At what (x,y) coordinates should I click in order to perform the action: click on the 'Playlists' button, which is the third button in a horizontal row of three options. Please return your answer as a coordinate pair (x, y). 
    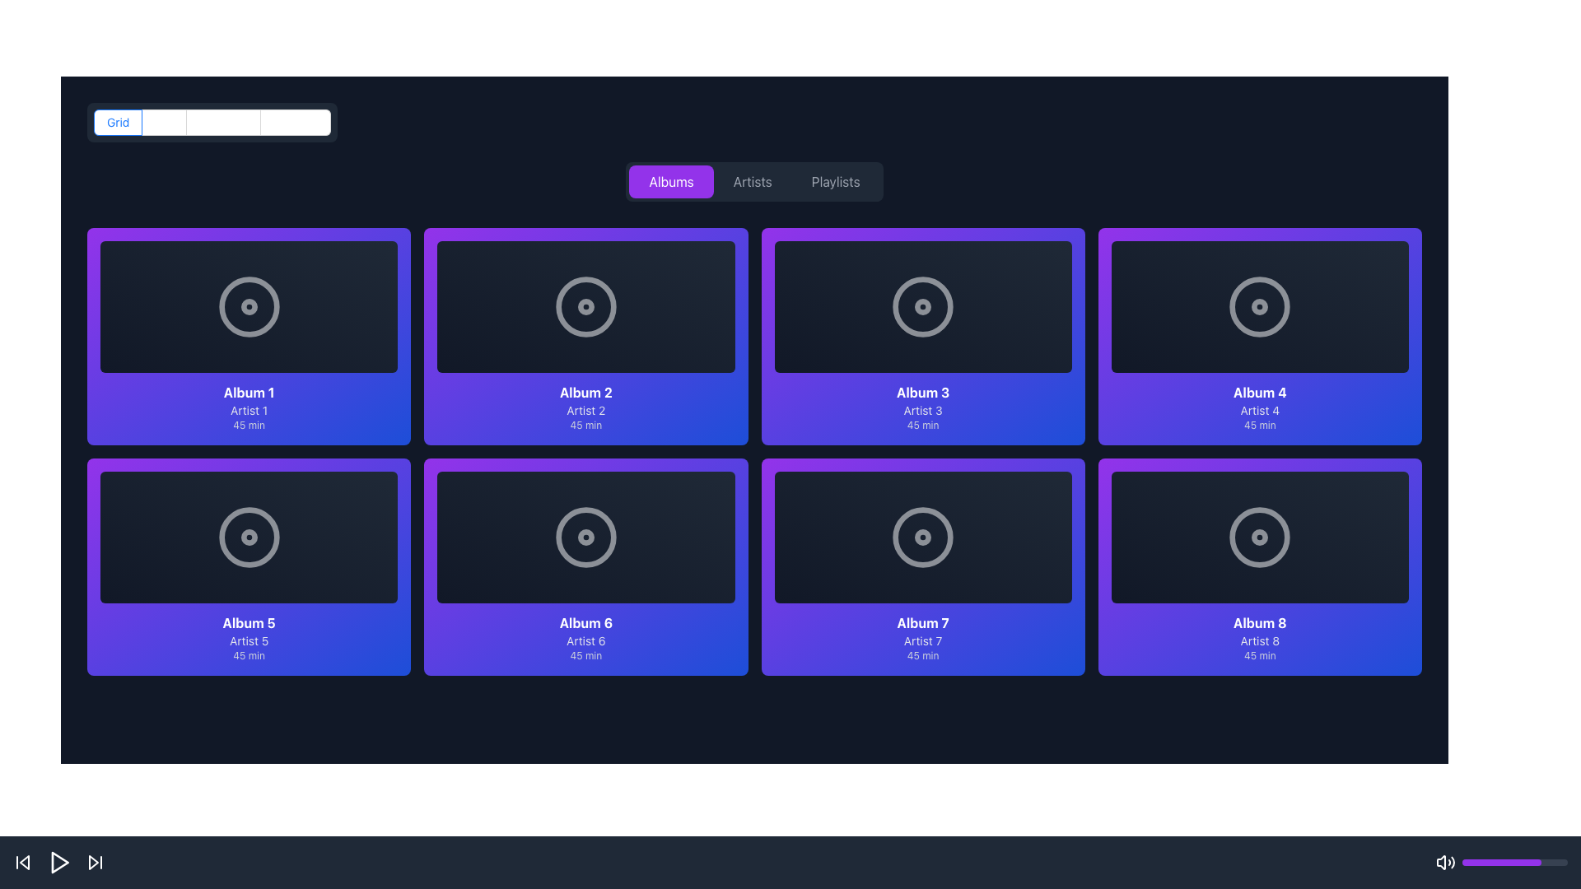
    Looking at the image, I should click on (836, 181).